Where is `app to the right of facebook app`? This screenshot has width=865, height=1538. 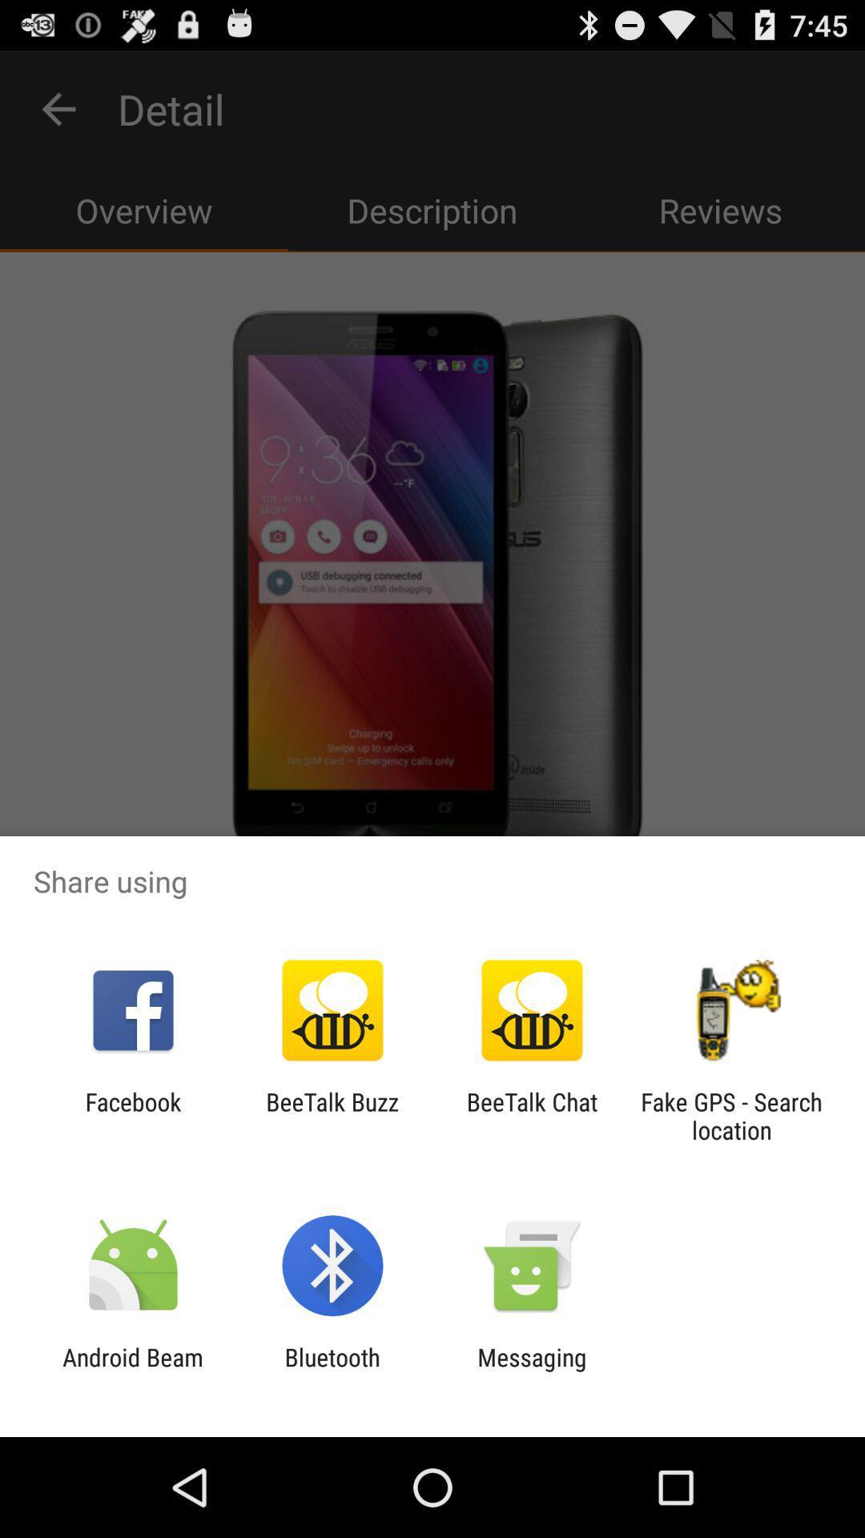 app to the right of facebook app is located at coordinates (332, 1115).